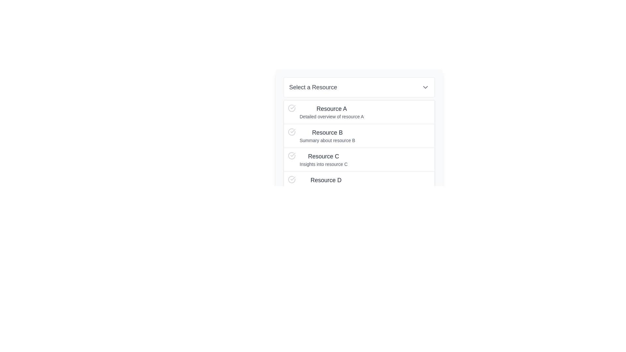 This screenshot has height=352, width=626. Describe the element at coordinates (425, 87) in the screenshot. I see `the dropdown arrow icon, which is the chevron icon located to the right of the text 'Select a Resource'` at that location.